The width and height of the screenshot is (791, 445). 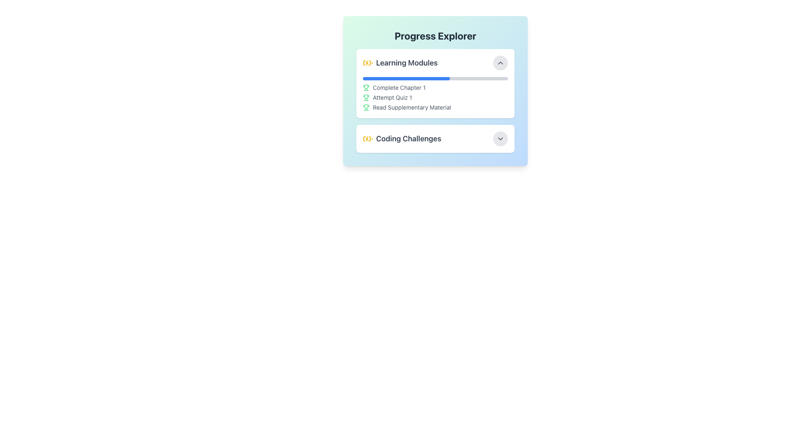 What do you see at coordinates (500, 138) in the screenshot?
I see `the dropdown toggle button located at the rightmost end of the 'Coding Challenges' section` at bounding box center [500, 138].